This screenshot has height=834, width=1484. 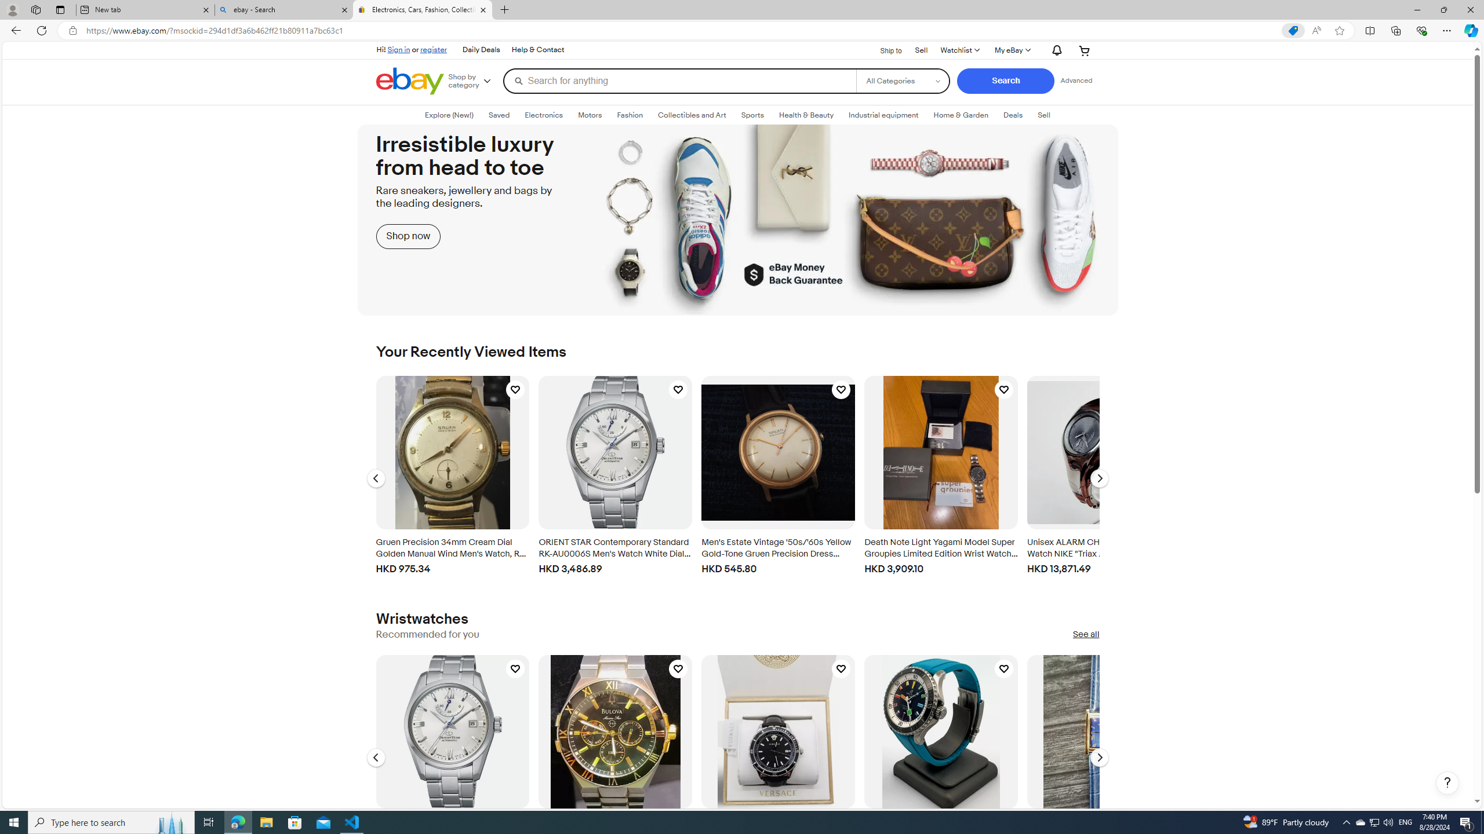 What do you see at coordinates (449, 115) in the screenshot?
I see `'Explore (New!)'` at bounding box center [449, 115].